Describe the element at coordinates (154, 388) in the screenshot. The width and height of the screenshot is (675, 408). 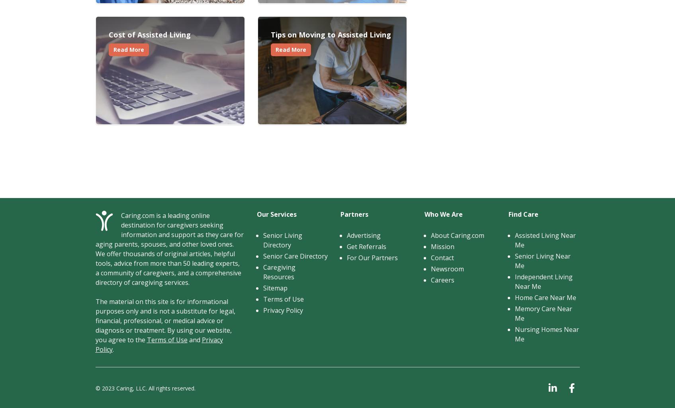
I see `'Caring, LLC. All rights reserved.'` at that location.